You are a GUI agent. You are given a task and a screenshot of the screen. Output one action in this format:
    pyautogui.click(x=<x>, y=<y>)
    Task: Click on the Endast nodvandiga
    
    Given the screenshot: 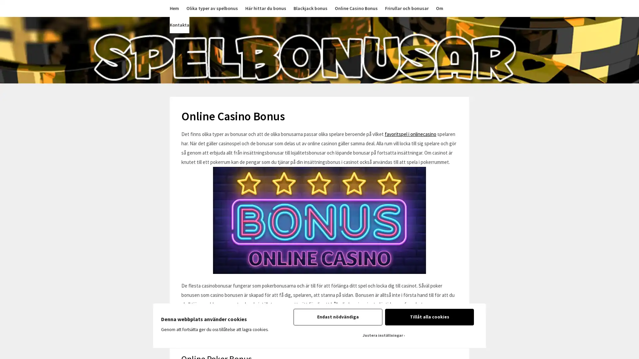 What is the action you would take?
    pyautogui.click(x=338, y=316)
    